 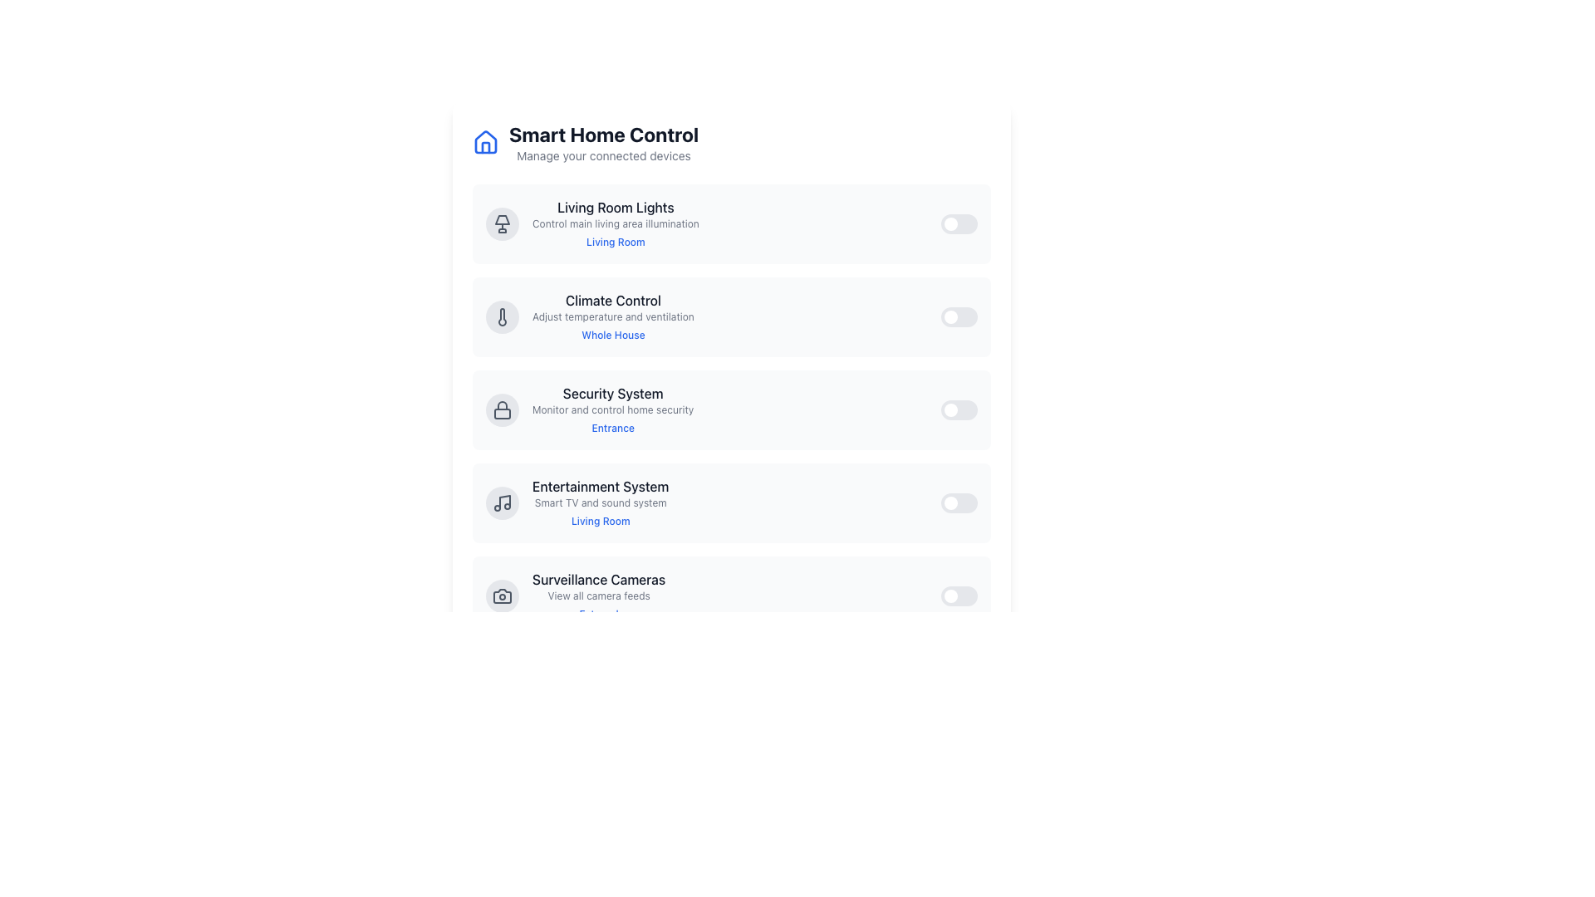 I want to click on the toggle switch located to the far right within the row labeled 'Security System', so click(x=959, y=409).